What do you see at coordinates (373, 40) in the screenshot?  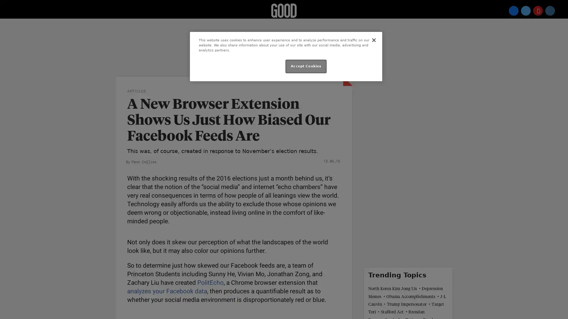 I see `Close` at bounding box center [373, 40].